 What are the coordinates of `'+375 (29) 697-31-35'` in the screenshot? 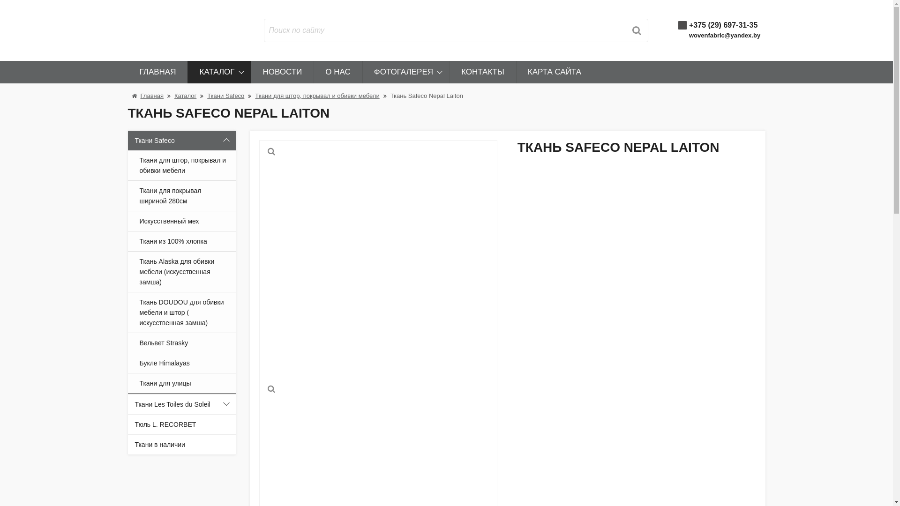 It's located at (722, 24).